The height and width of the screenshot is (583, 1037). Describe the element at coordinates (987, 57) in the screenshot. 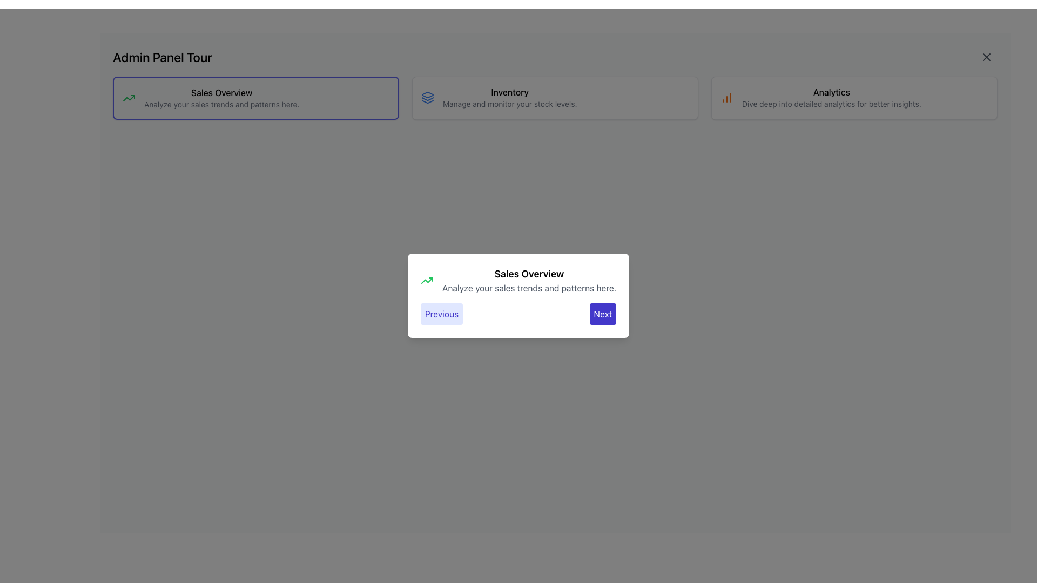

I see `the close button located in the top-right corner of the 'Admin Panel Tour' dialog` at that location.